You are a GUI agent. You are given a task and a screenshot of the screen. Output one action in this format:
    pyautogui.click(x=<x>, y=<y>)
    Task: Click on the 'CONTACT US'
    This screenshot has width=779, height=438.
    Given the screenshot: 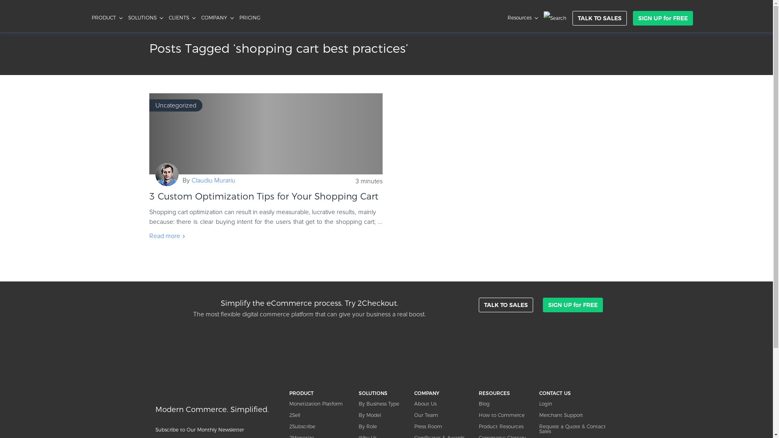 What is the action you would take?
    pyautogui.click(x=578, y=393)
    